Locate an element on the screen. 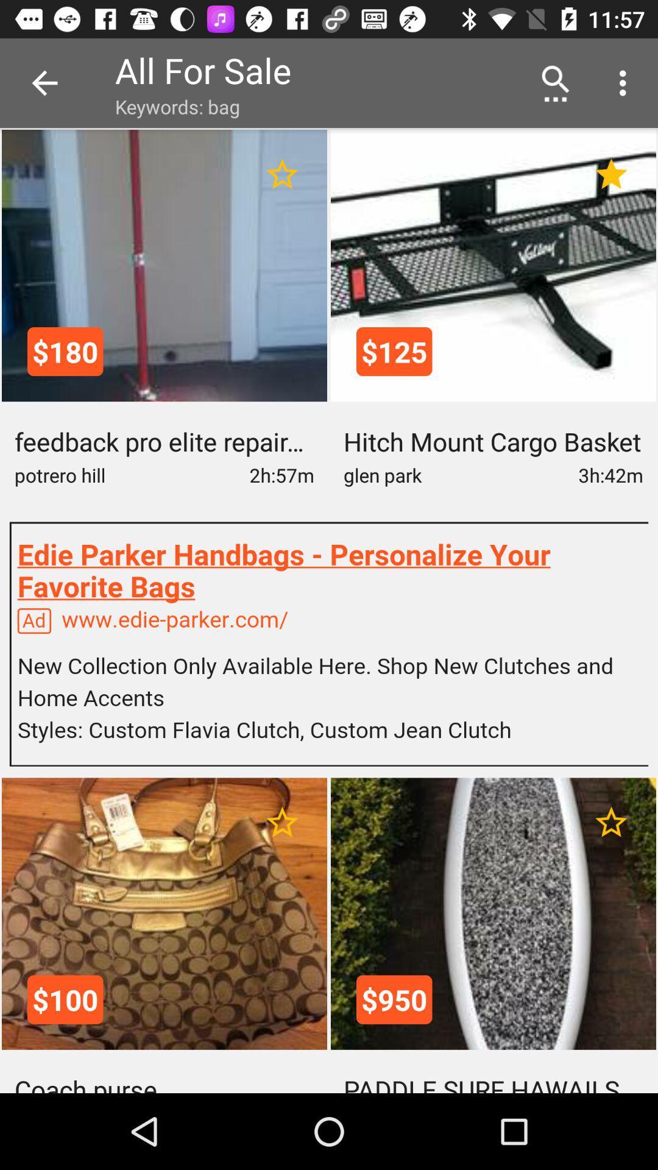 The image size is (658, 1170). the star symbol in the first pic from left is located at coordinates (282, 174).